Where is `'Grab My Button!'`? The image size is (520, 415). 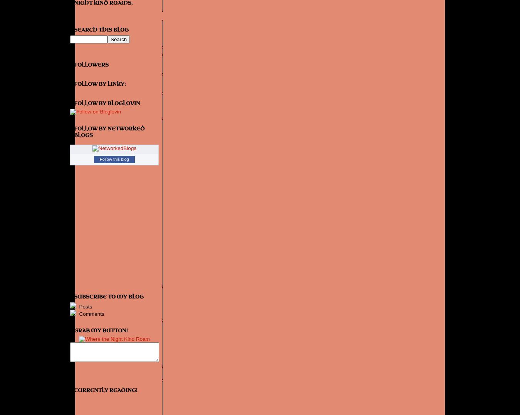 'Grab My Button!' is located at coordinates (101, 330).